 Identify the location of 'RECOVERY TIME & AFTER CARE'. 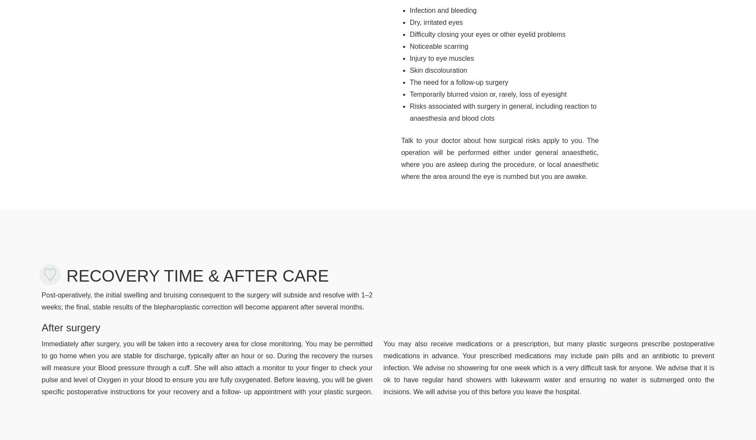
(197, 276).